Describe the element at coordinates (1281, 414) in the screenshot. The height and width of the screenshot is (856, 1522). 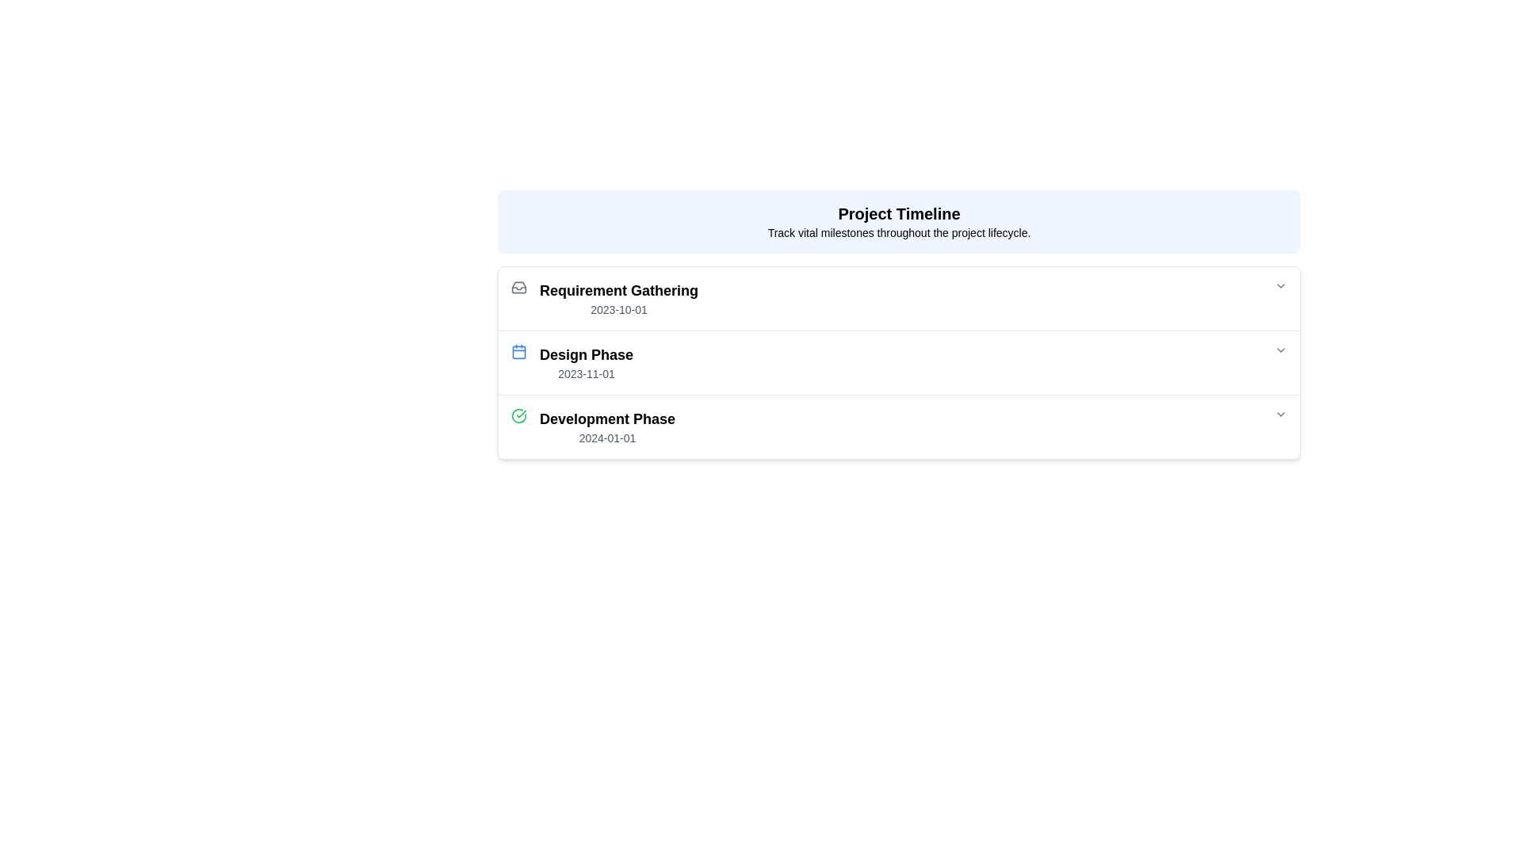
I see `the downward-facing chevron icon button located near the right end of the 'Development Phase' row` at that location.